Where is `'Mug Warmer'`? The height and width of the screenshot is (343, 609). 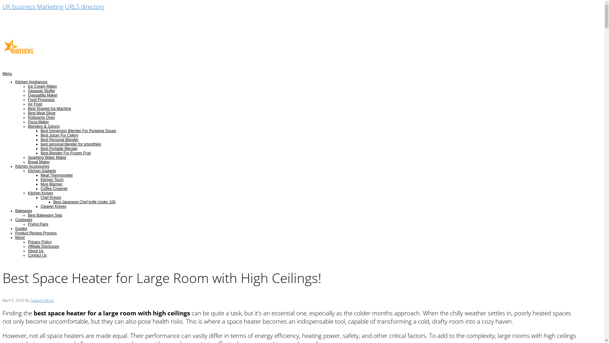 'Mug Warmer' is located at coordinates (51, 184).